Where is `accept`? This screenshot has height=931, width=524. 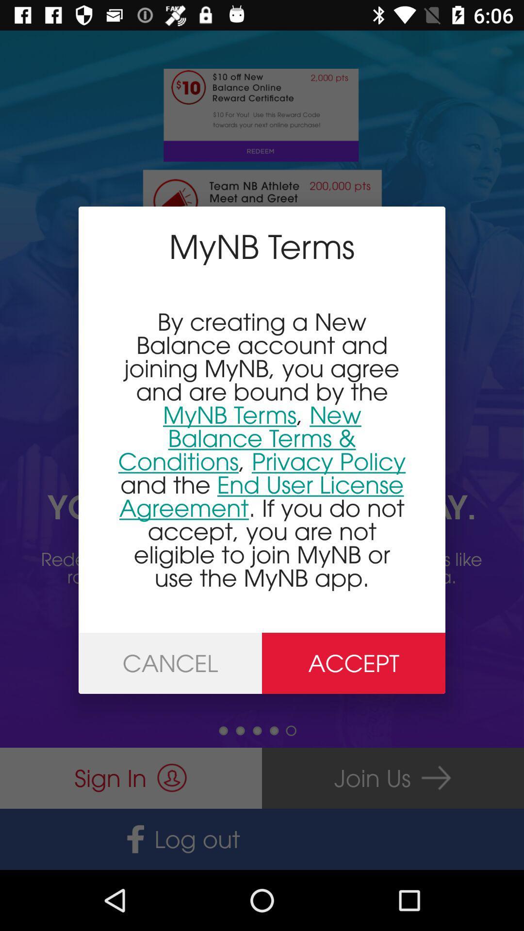 accept is located at coordinates (354, 663).